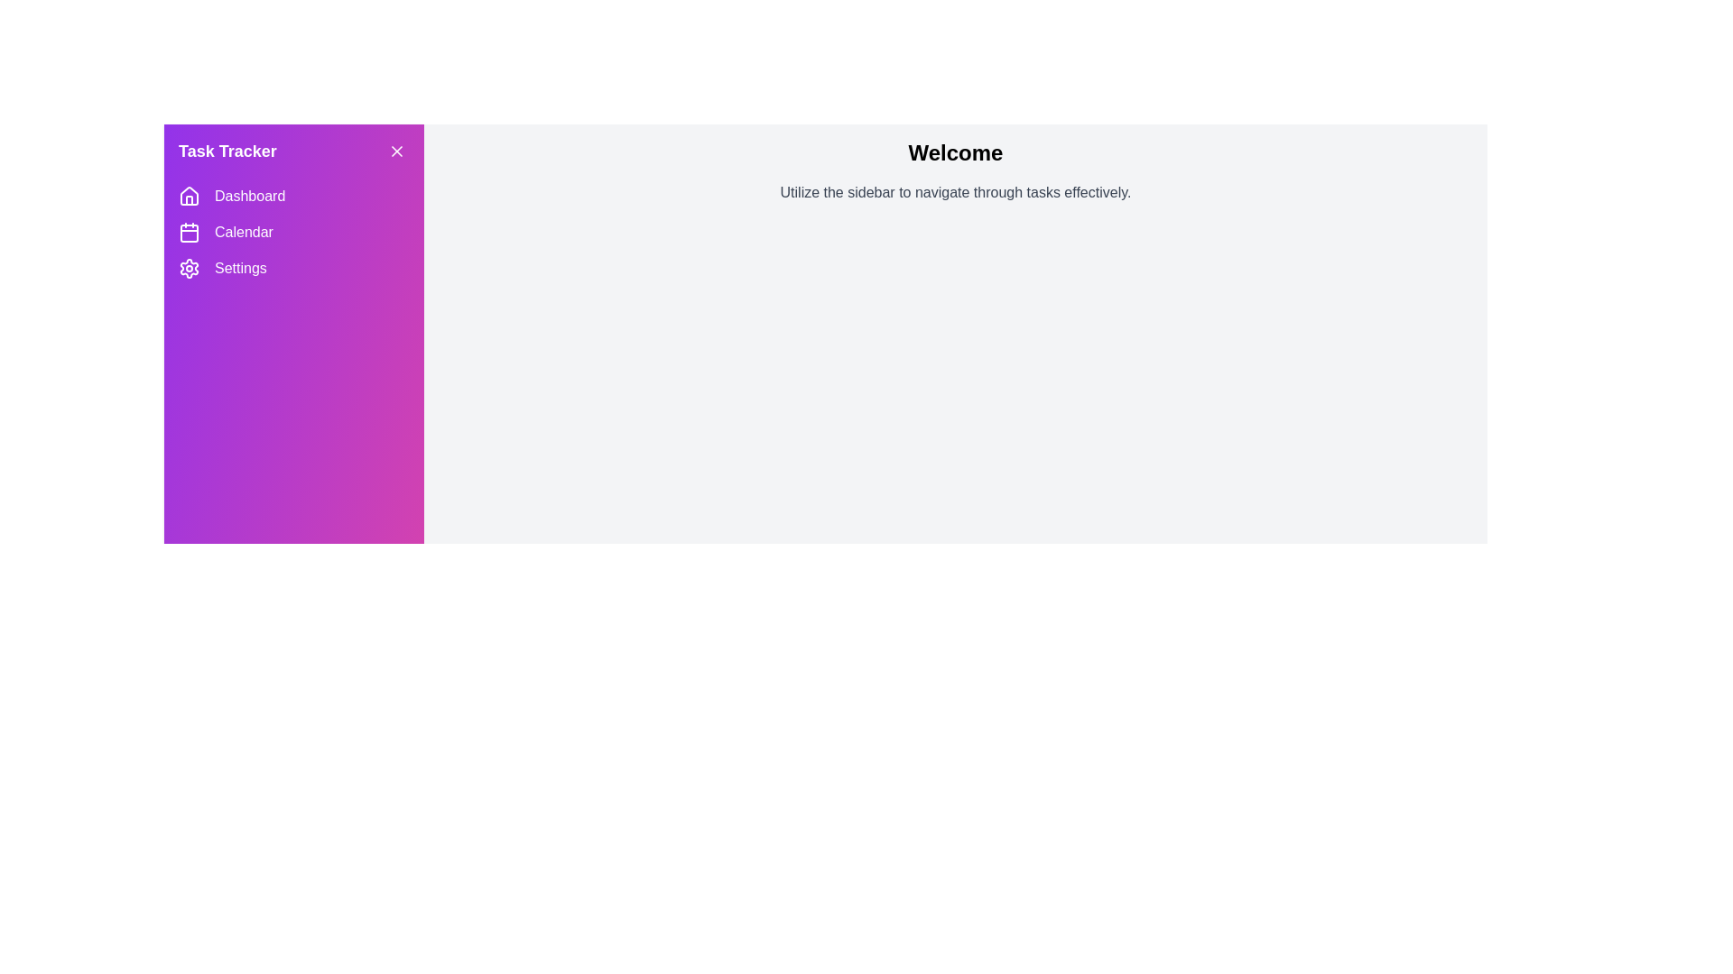 This screenshot has width=1733, height=974. Describe the element at coordinates (294, 197) in the screenshot. I see `the menu item Dashboard in the sidebar` at that location.